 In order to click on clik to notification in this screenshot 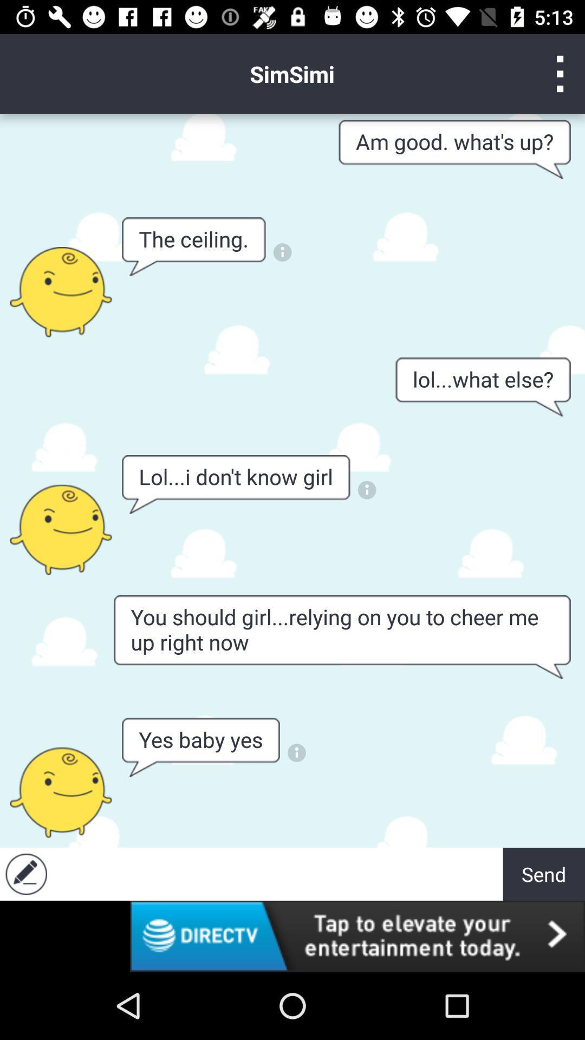, I will do `click(282, 252)`.